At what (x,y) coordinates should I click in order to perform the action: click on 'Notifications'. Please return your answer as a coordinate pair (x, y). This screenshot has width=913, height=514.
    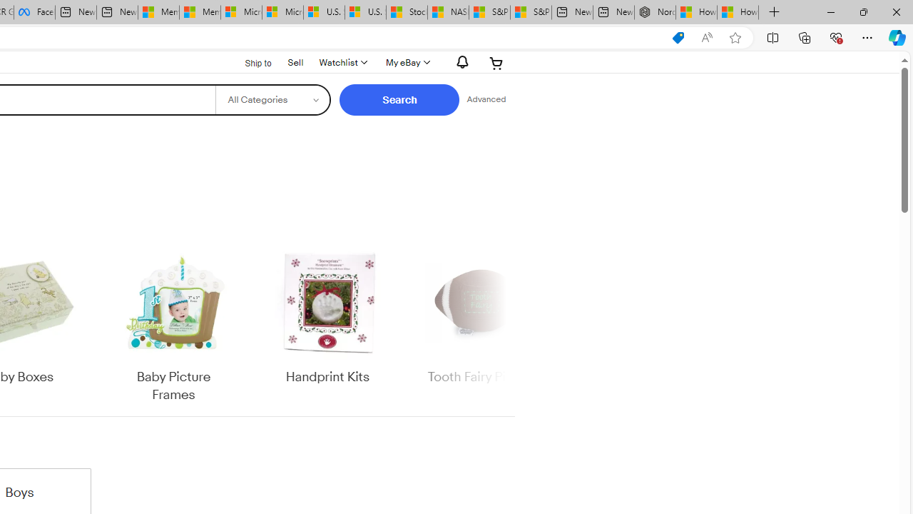
    Looking at the image, I should click on (459, 61).